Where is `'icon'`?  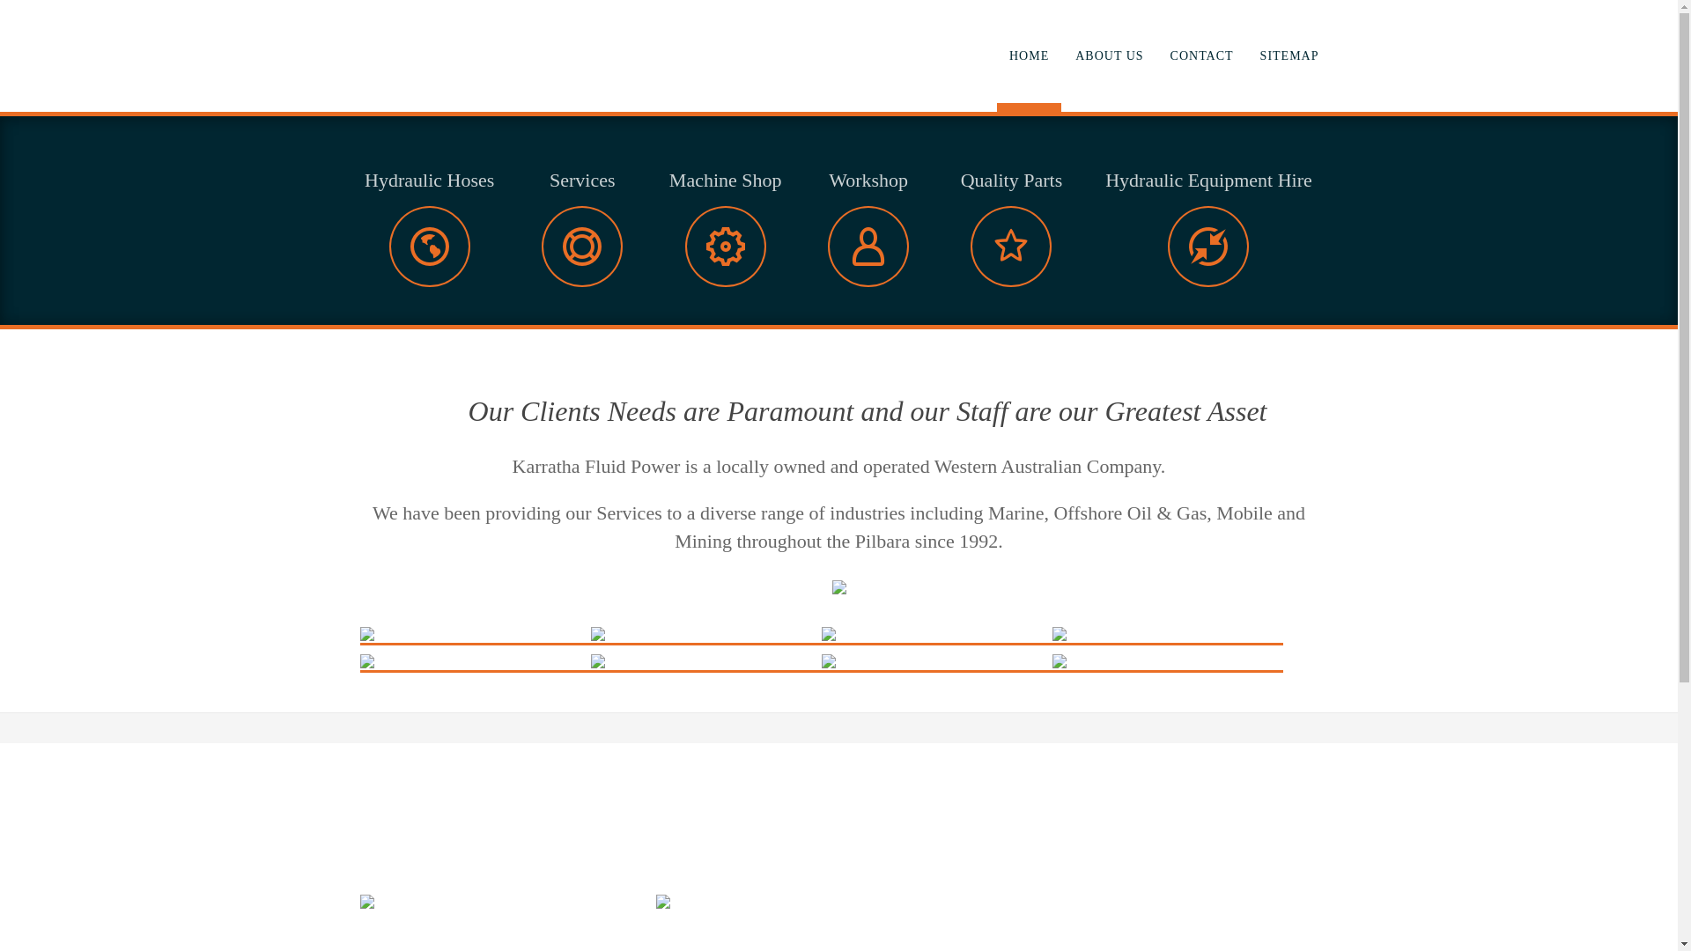
'icon' is located at coordinates (868, 247).